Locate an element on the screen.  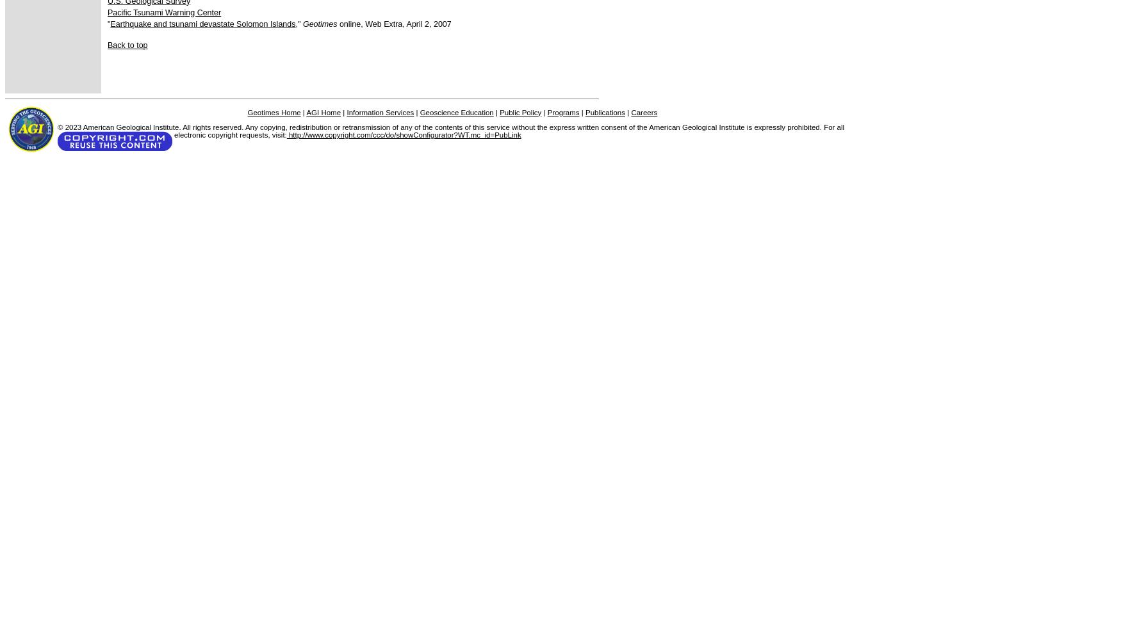
'Pacific Tsunami Warning Center' is located at coordinates (163, 12).